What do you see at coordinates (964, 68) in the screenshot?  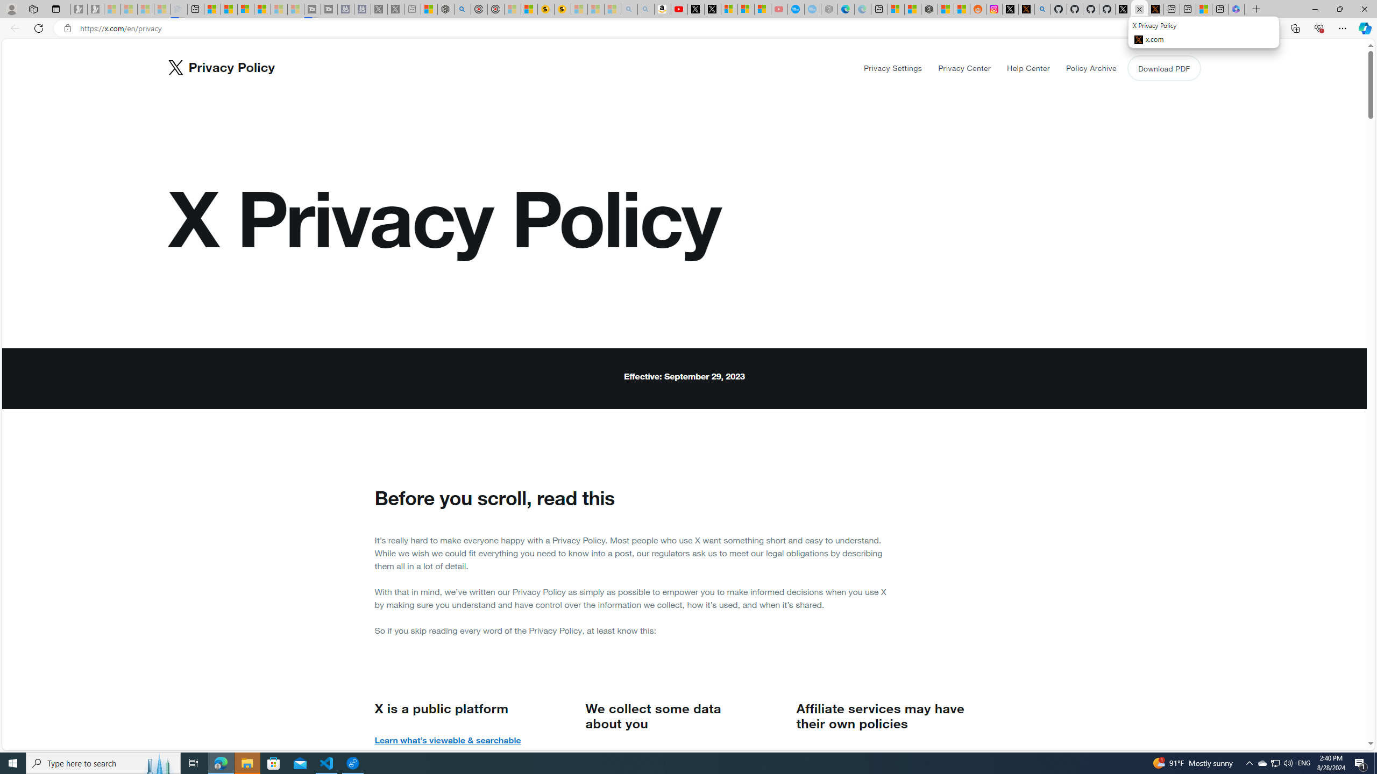 I see `'Privacy Center'` at bounding box center [964, 68].